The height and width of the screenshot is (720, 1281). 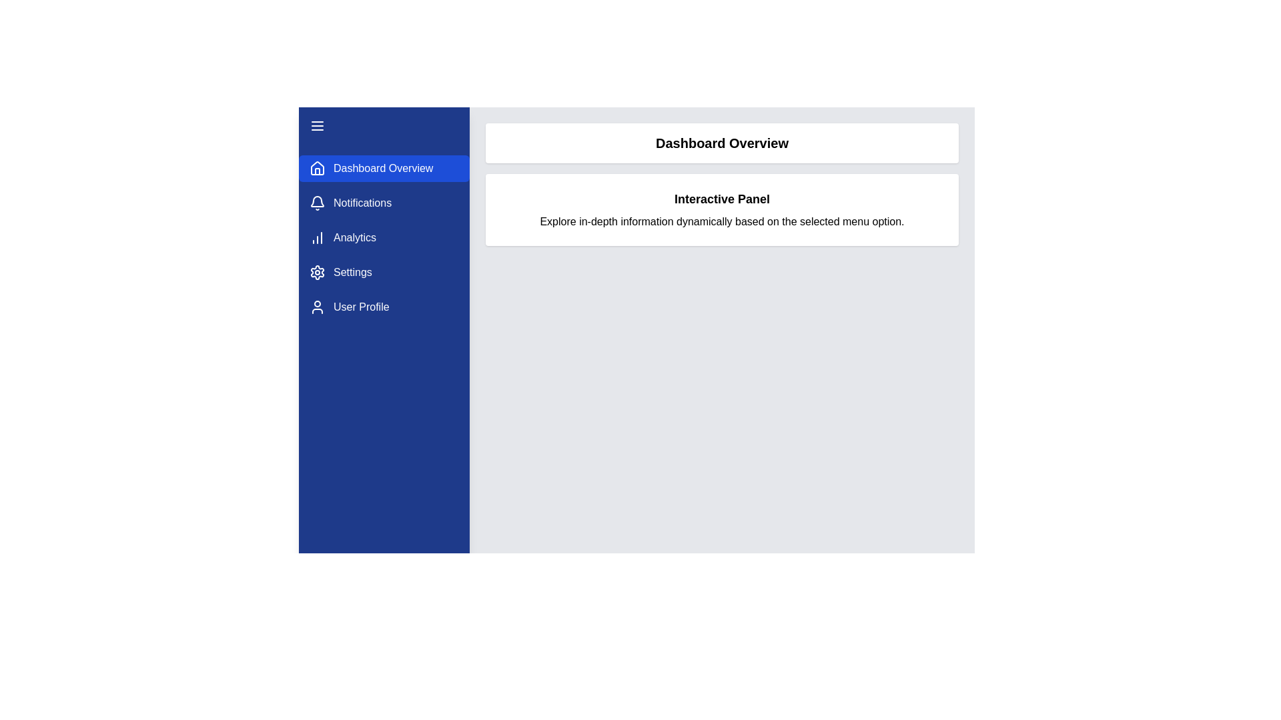 I want to click on the cogwheel-shaped icon located in the left navigation menu next to the 'Settings' label, so click(x=316, y=271).